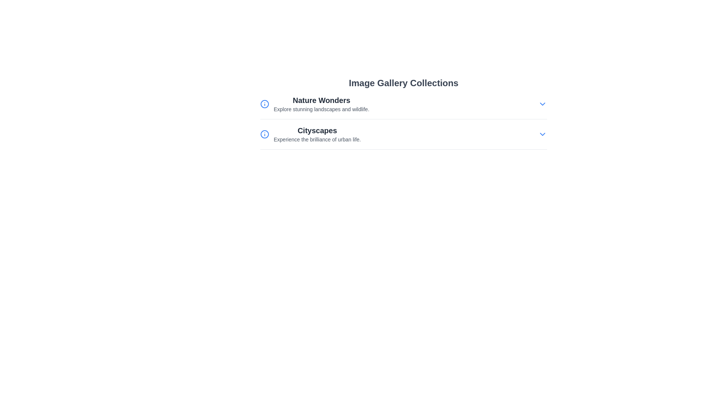 This screenshot has height=403, width=717. What do you see at coordinates (543, 104) in the screenshot?
I see `the dropdown icon for the 'Nature Wonders' section` at bounding box center [543, 104].